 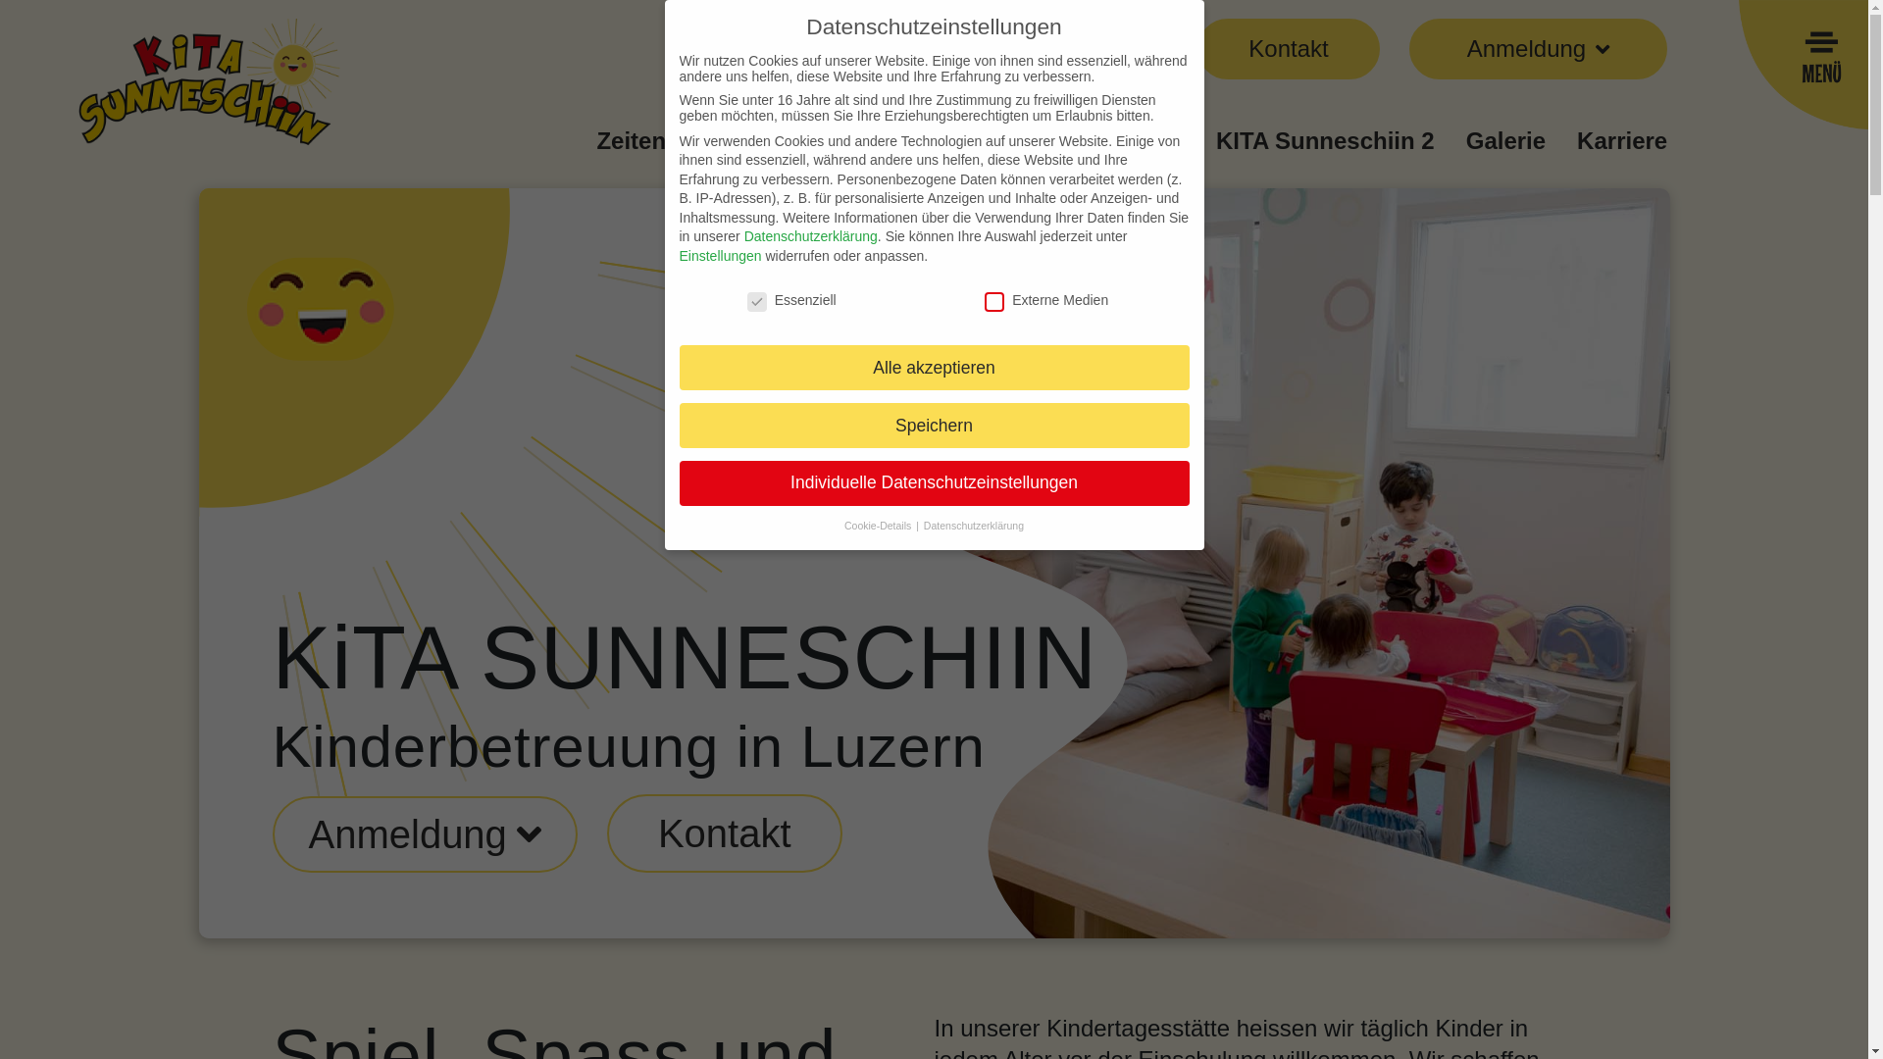 What do you see at coordinates (878, 525) in the screenshot?
I see `'Cookie-Details'` at bounding box center [878, 525].